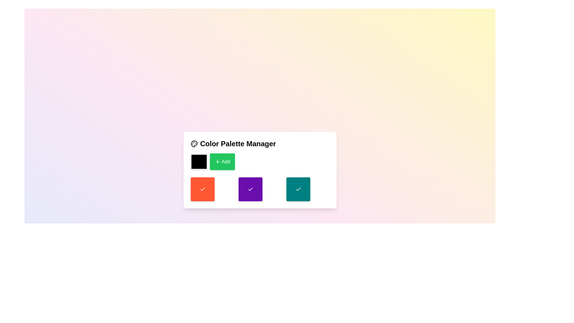 Image resolution: width=574 pixels, height=323 pixels. Describe the element at coordinates (250, 189) in the screenshot. I see `the checkmark icon within the purple square located in the second square color box of the bottom row in the 'Color Palette Manager' card` at that location.